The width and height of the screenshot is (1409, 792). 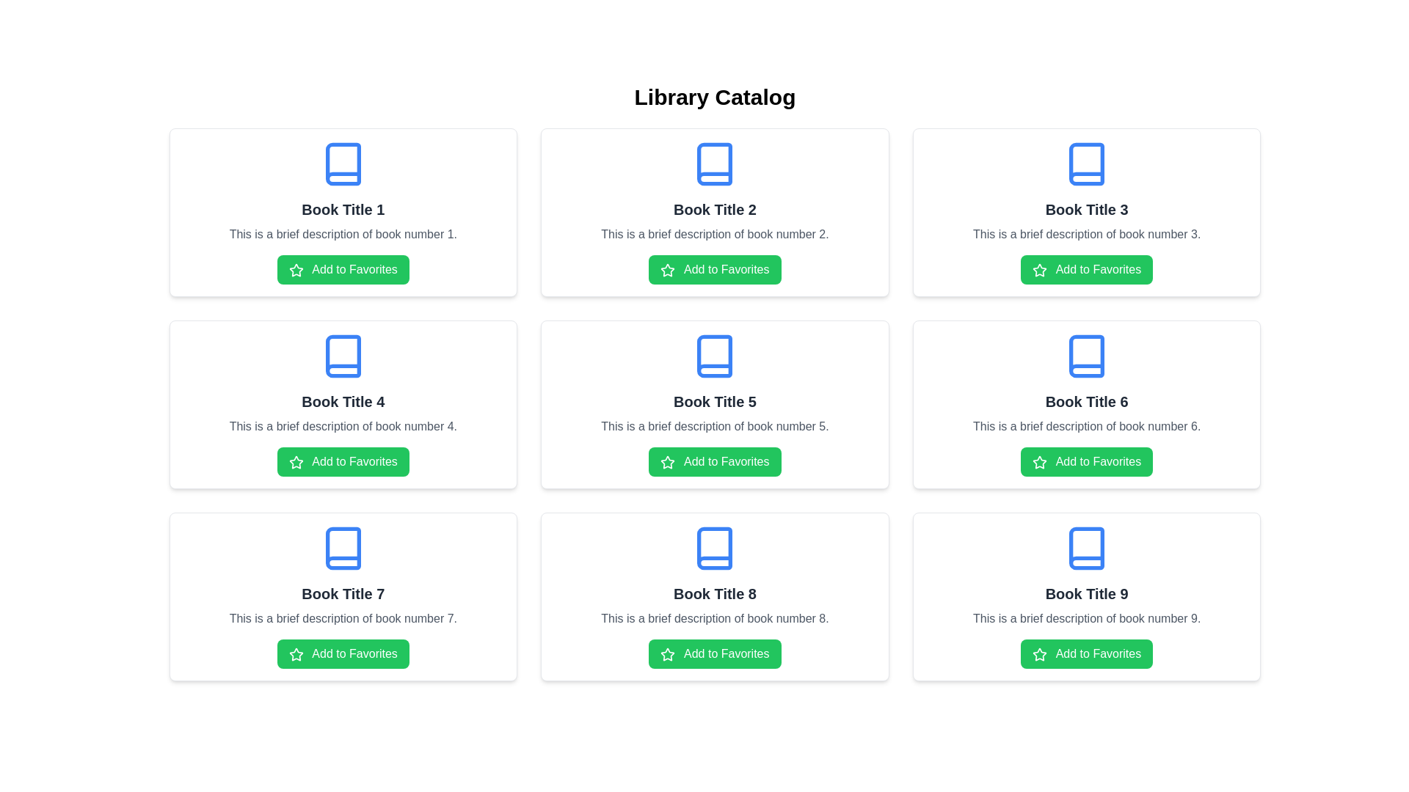 I want to click on the green rectangular button labeled 'Add to Favorites' with a star icon on the left to observe the hover effect, so click(x=1087, y=269).